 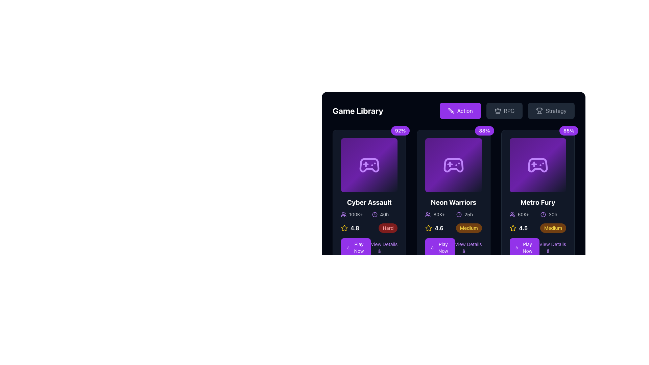 What do you see at coordinates (498, 110) in the screenshot?
I see `the crown icon representing the 'RPG' category, which is positioned to the left of the 'RPG' label in the menu, between the 'Action' and 'Strategy' categories` at bounding box center [498, 110].